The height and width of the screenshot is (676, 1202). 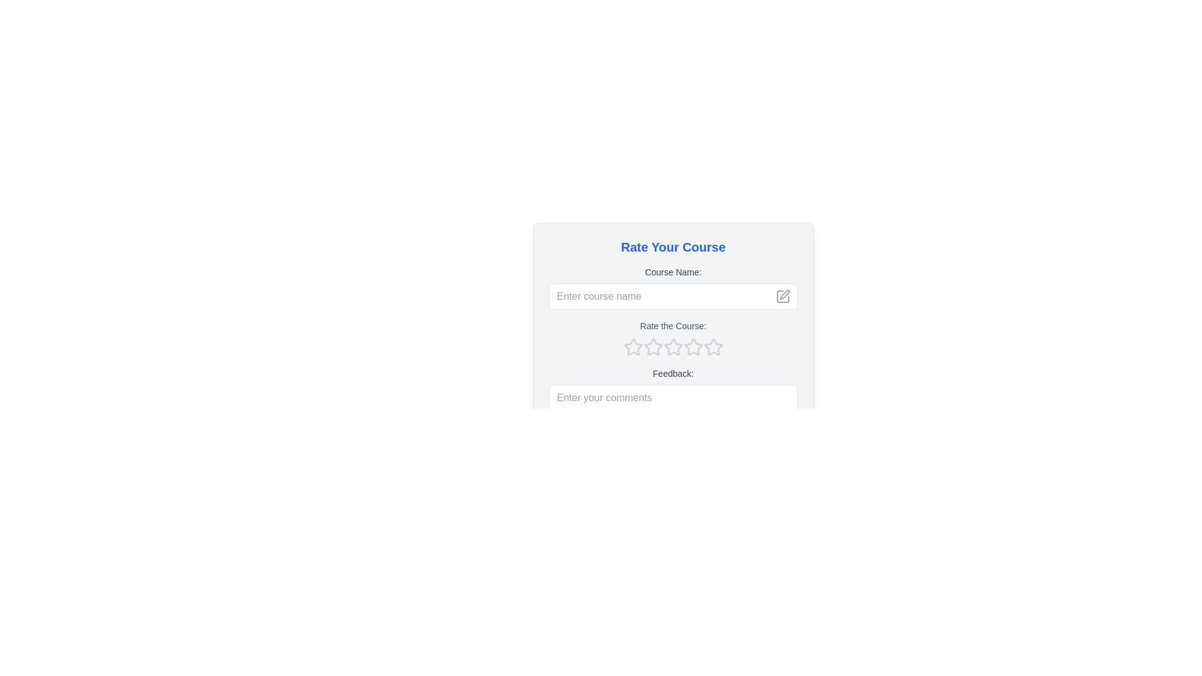 I want to click on the first star icon in the rating section, so click(x=652, y=347).